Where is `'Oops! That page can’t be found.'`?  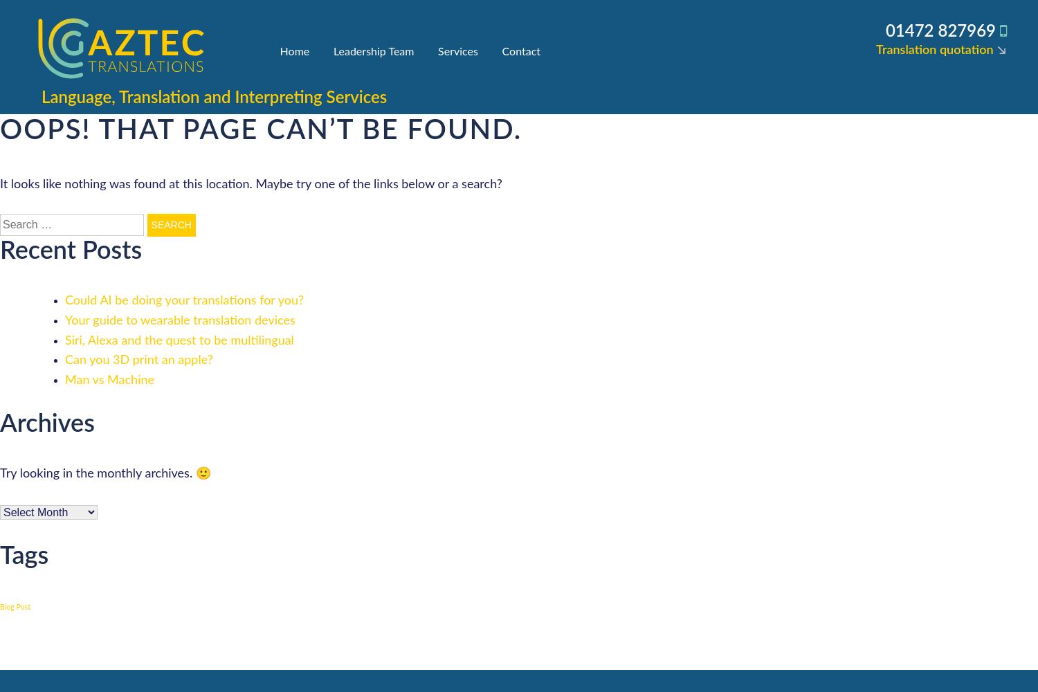 'Oops! That page can’t be found.' is located at coordinates (260, 130).